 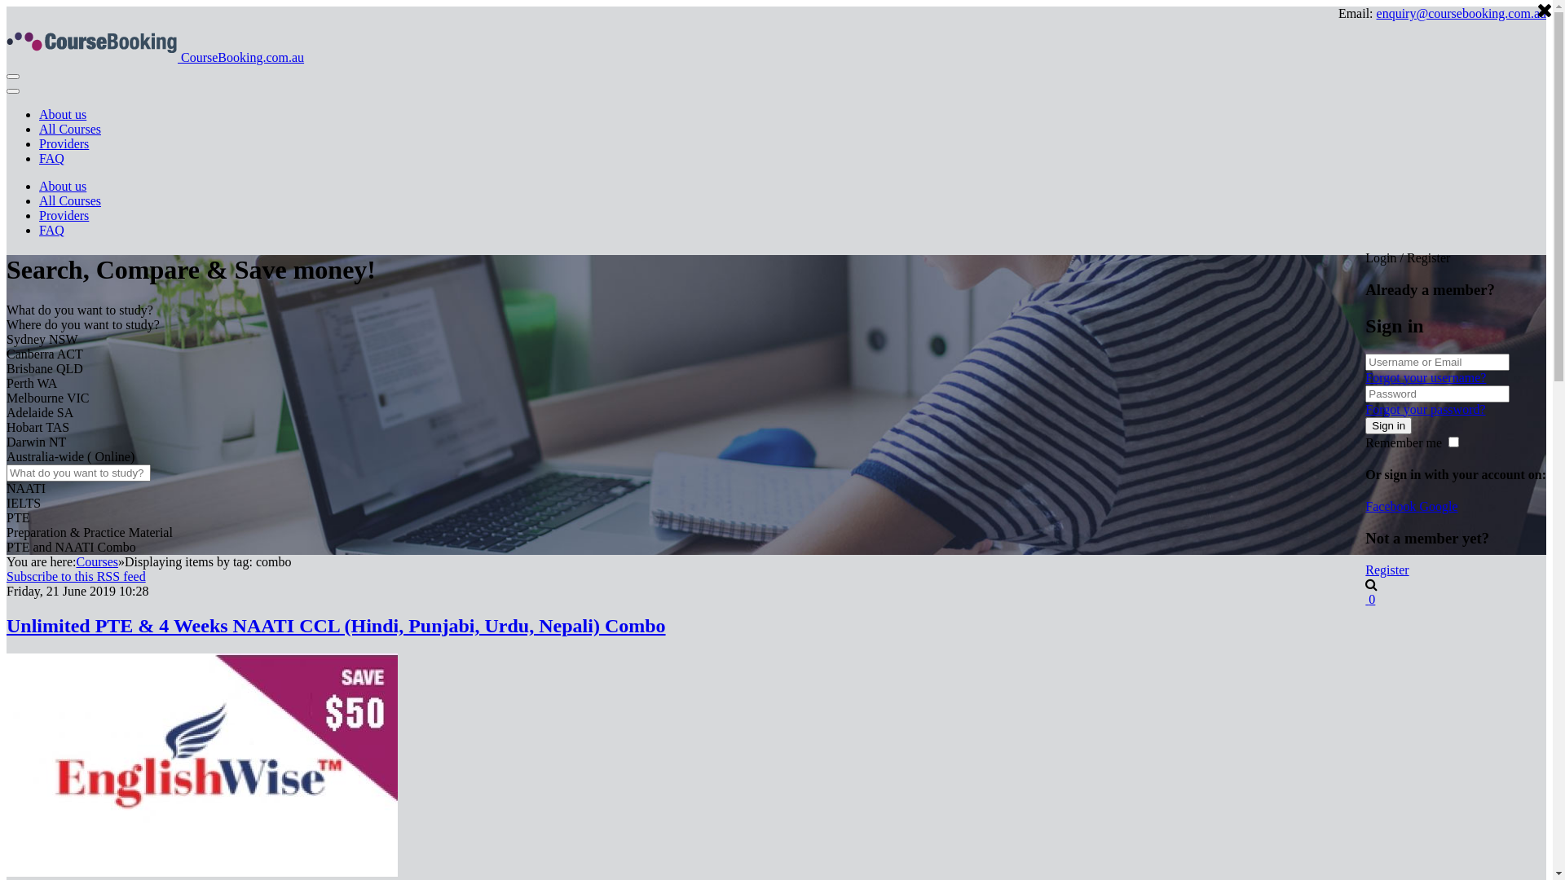 I want to click on '0', so click(x=1369, y=598).